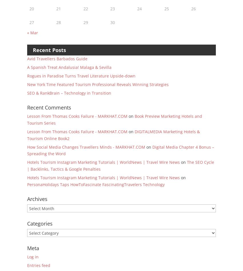 This screenshot has width=243, height=271. I want to click on 'Log in', so click(33, 256).